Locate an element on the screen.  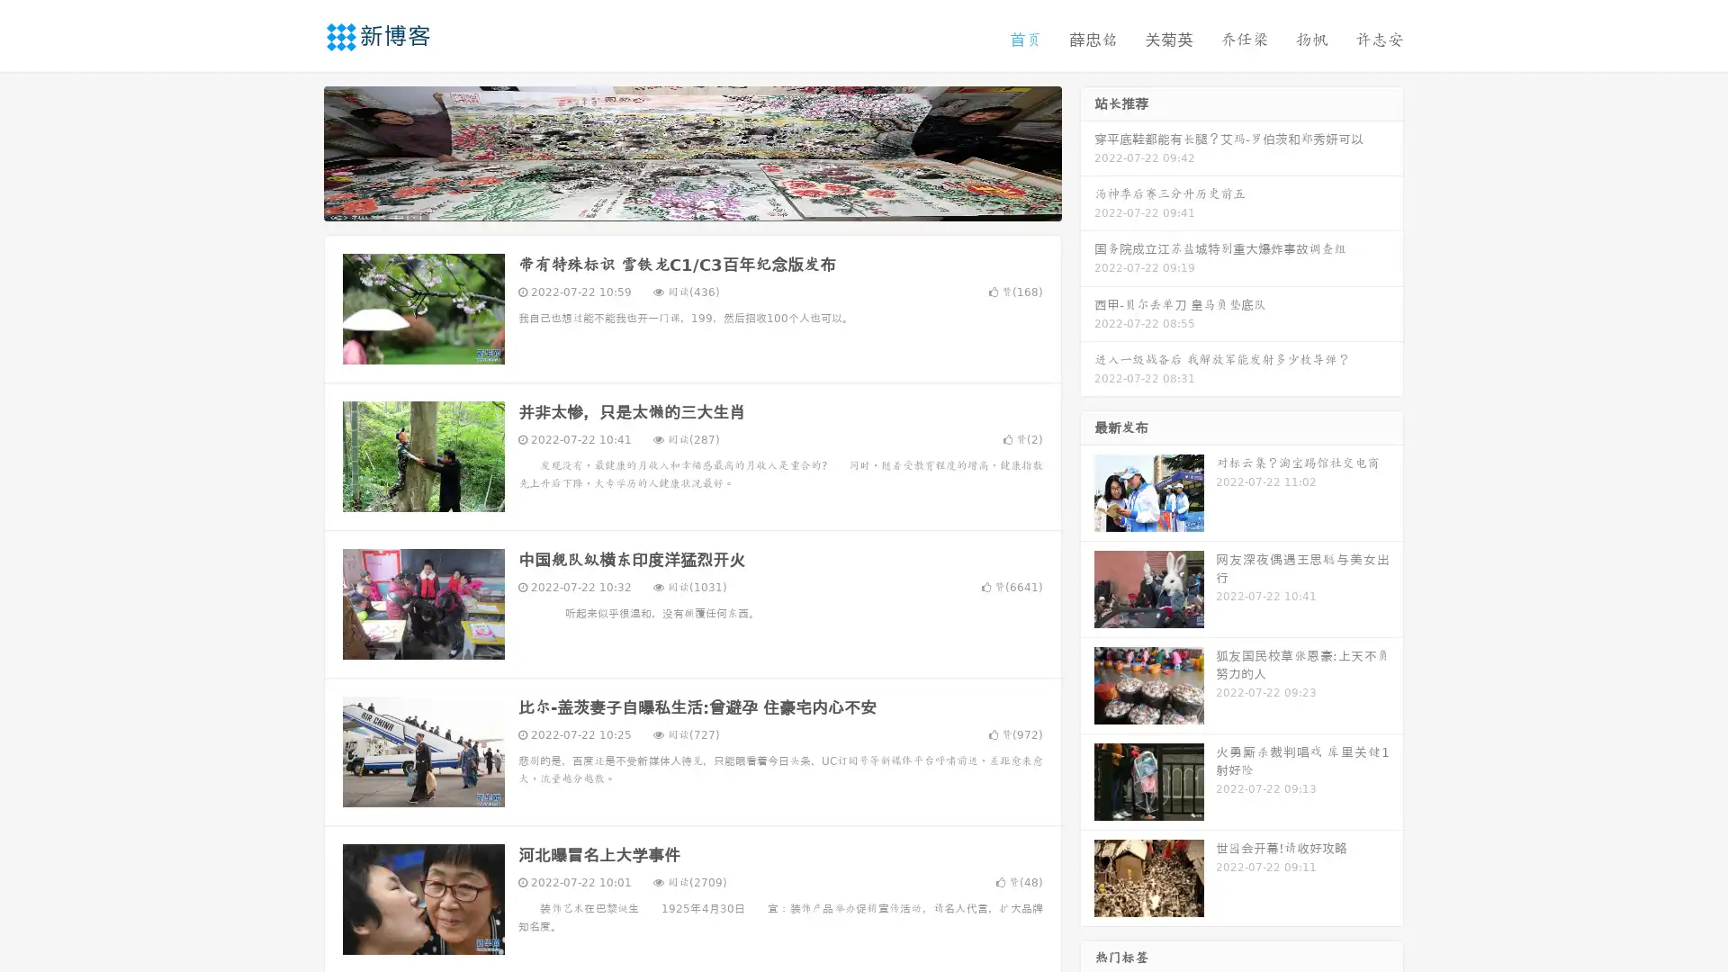
Go to slide 1 is located at coordinates (673, 202).